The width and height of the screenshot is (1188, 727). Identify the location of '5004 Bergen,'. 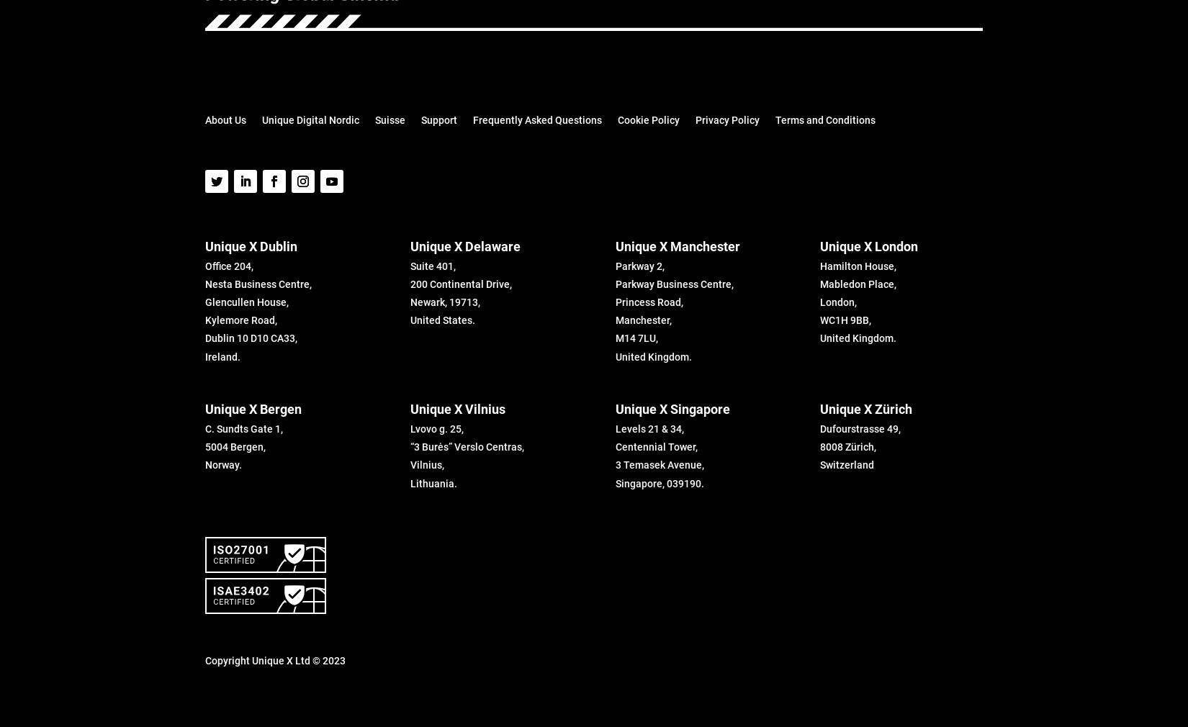
(235, 446).